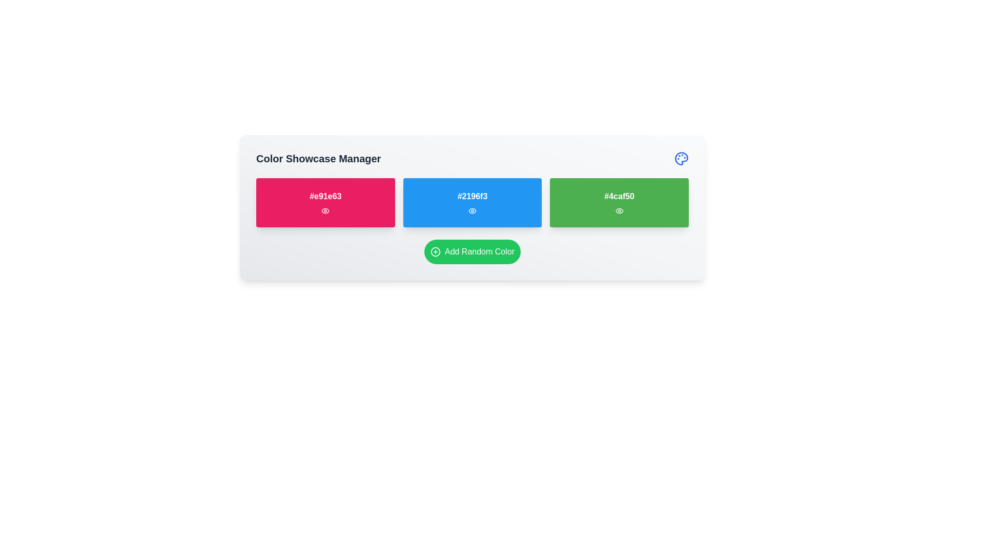 This screenshot has width=984, height=553. I want to click on the visibility indicator icon located at the bottom of the middle green card labeled '#4caf50', so click(619, 210).